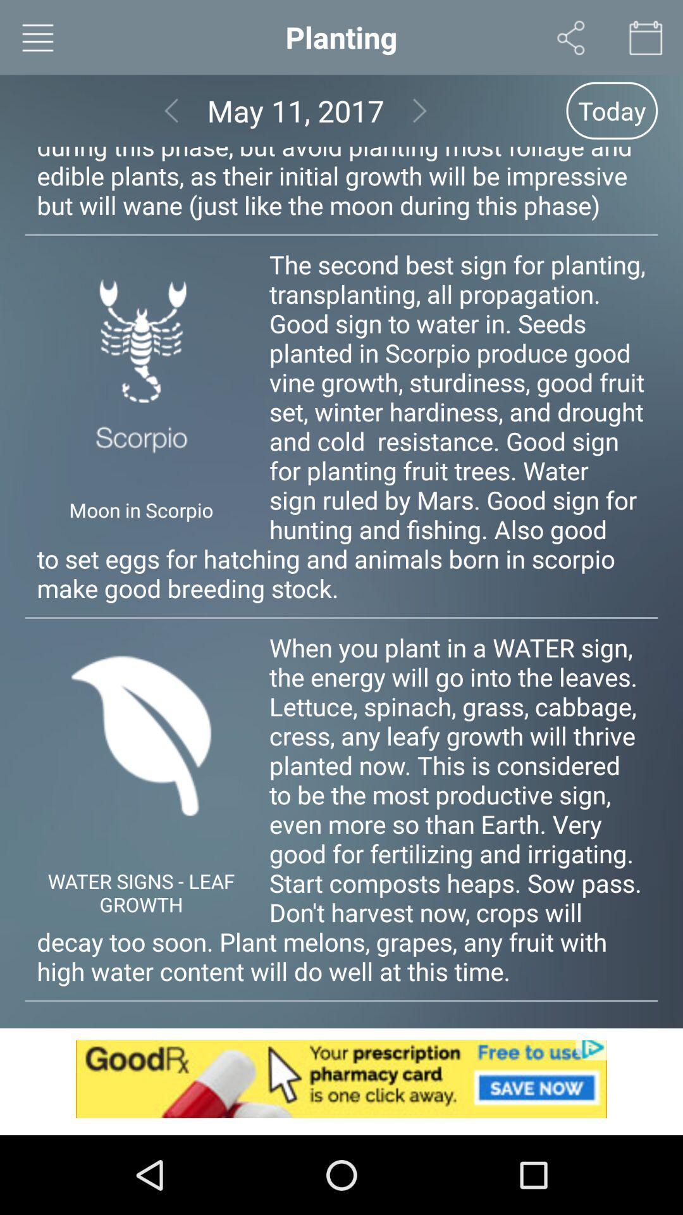 This screenshot has width=683, height=1215. Describe the element at coordinates (420, 111) in the screenshot. I see `next day` at that location.